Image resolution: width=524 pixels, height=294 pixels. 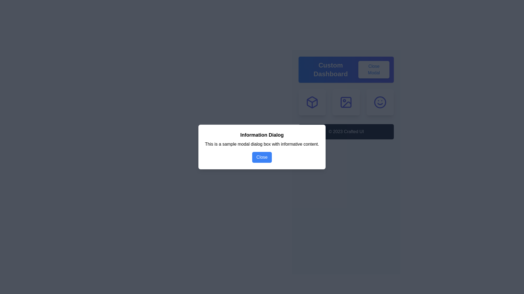 I want to click on the SVG icon represented by a diagonal line from top-left, so click(x=347, y=105).